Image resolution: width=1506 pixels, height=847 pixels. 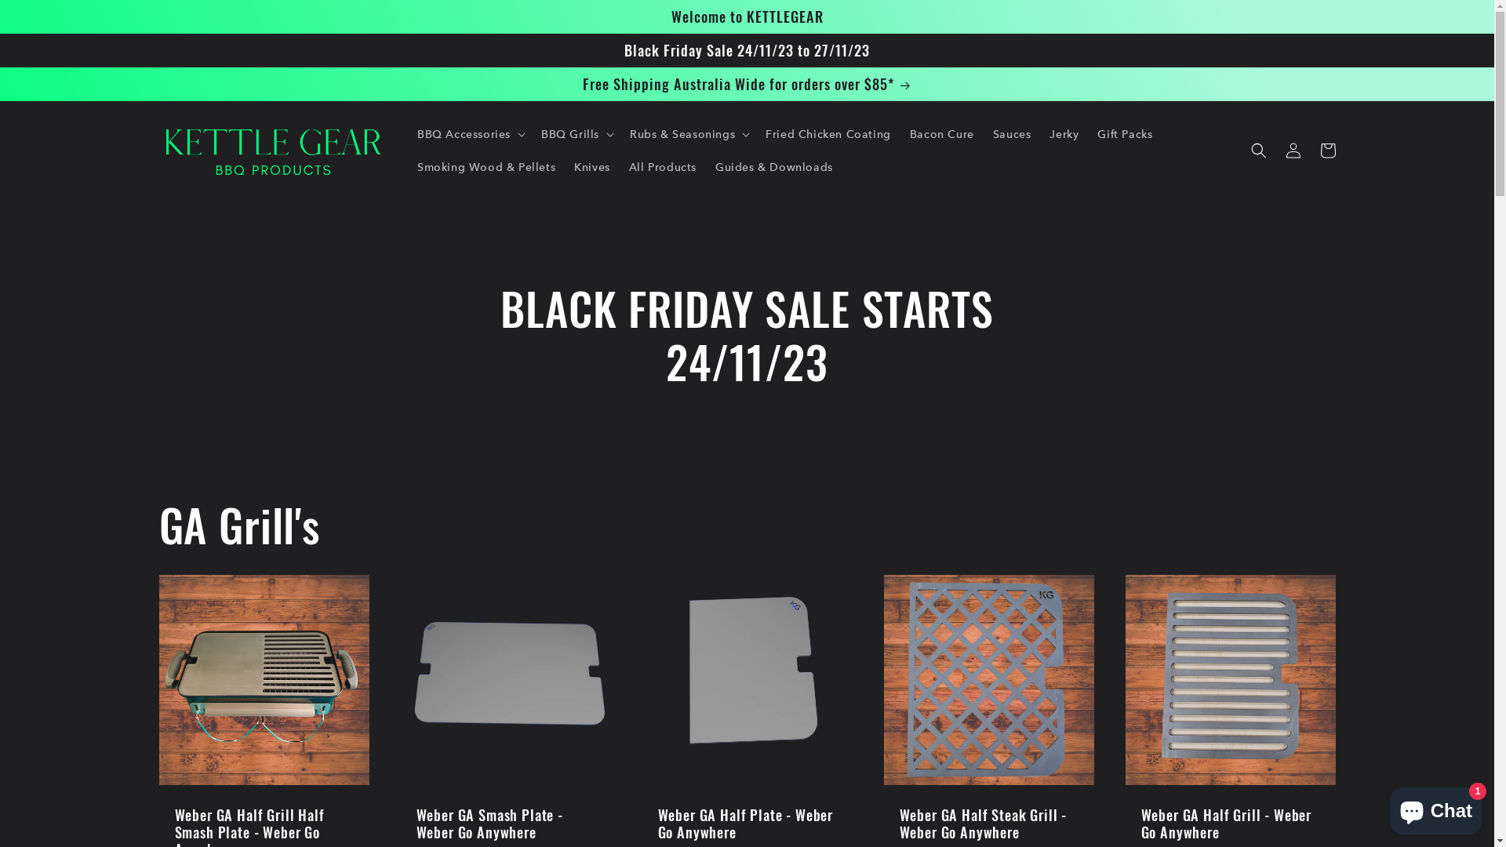 What do you see at coordinates (1012, 133) in the screenshot?
I see `'Sauces'` at bounding box center [1012, 133].